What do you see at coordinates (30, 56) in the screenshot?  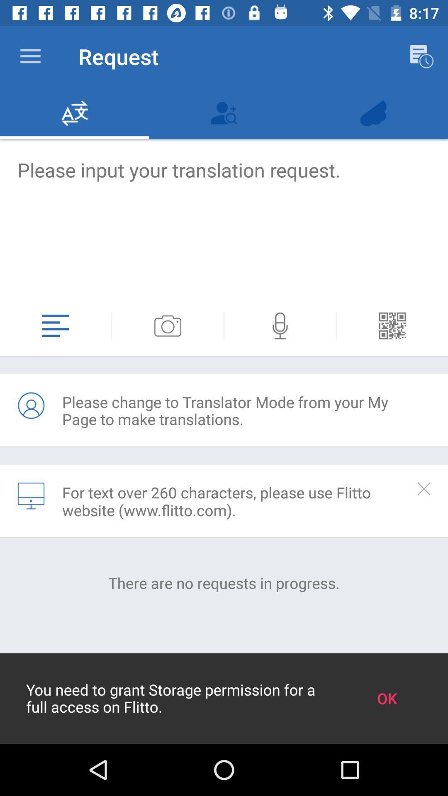 I see `icon to the left of the request item` at bounding box center [30, 56].